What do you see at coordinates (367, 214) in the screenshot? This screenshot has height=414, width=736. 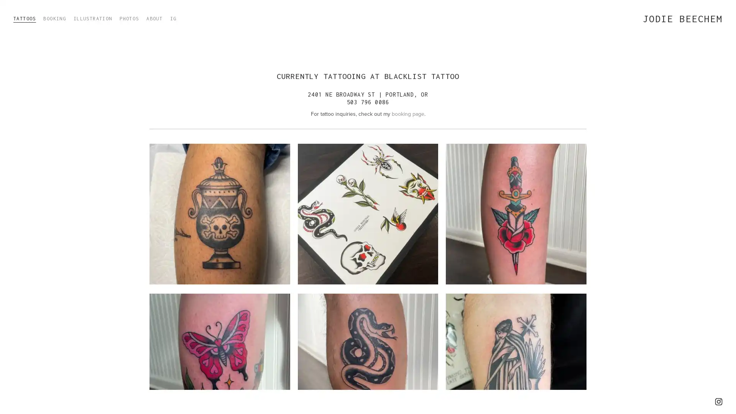 I see `View fullsize` at bounding box center [367, 214].